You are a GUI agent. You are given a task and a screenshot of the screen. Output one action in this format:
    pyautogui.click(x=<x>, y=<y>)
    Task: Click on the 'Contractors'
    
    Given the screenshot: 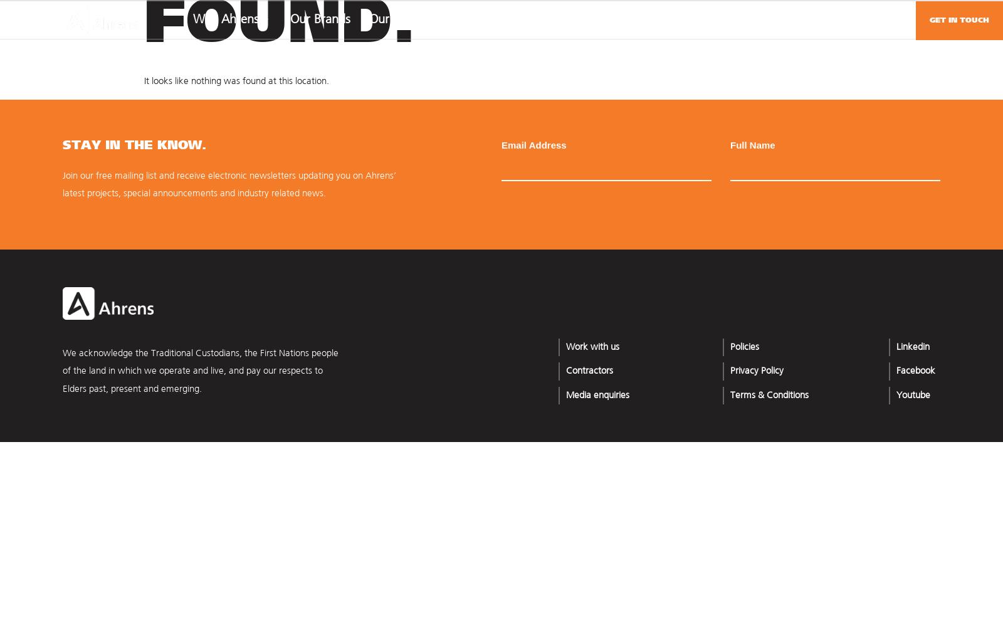 What is the action you would take?
    pyautogui.click(x=588, y=371)
    